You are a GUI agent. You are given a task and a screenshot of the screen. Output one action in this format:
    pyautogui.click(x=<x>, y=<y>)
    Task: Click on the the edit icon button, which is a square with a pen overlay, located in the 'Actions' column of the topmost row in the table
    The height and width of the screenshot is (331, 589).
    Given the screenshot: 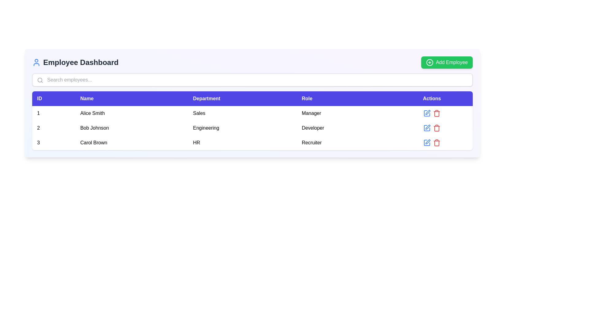 What is the action you would take?
    pyautogui.click(x=427, y=113)
    